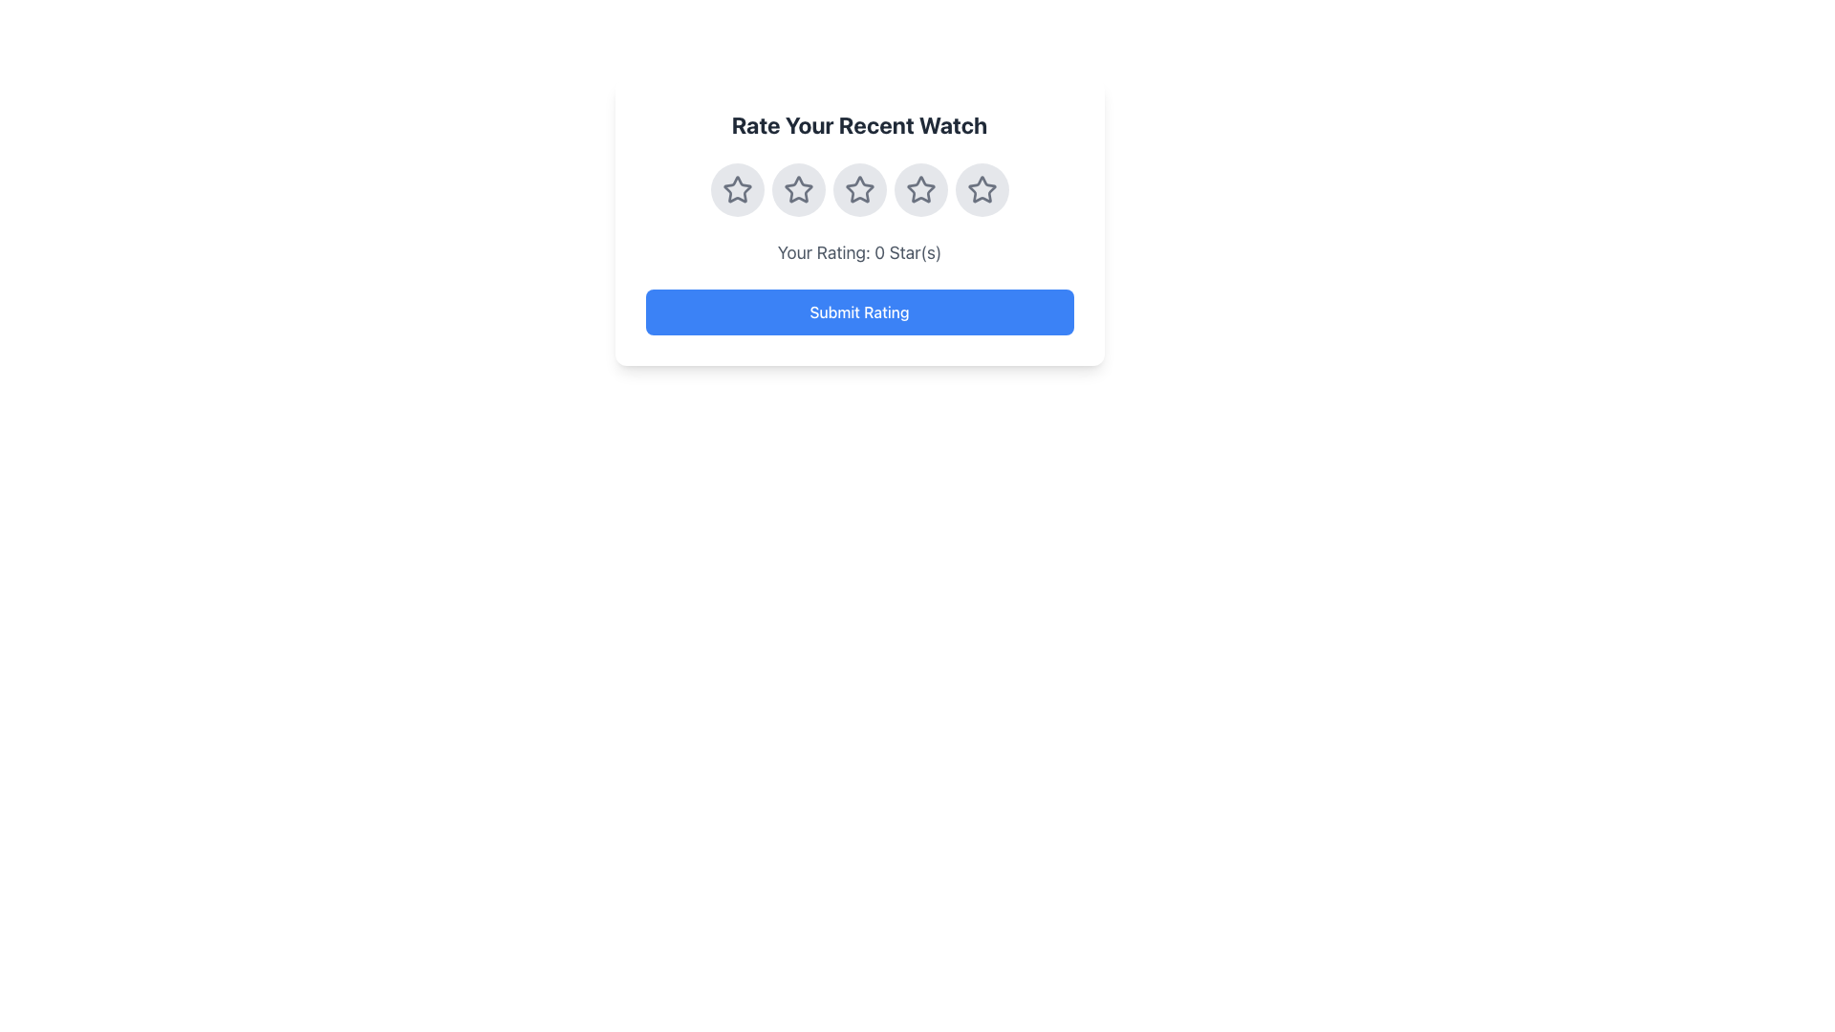  Describe the element at coordinates (920, 190) in the screenshot. I see `the fourth star button in the rating selector` at that location.